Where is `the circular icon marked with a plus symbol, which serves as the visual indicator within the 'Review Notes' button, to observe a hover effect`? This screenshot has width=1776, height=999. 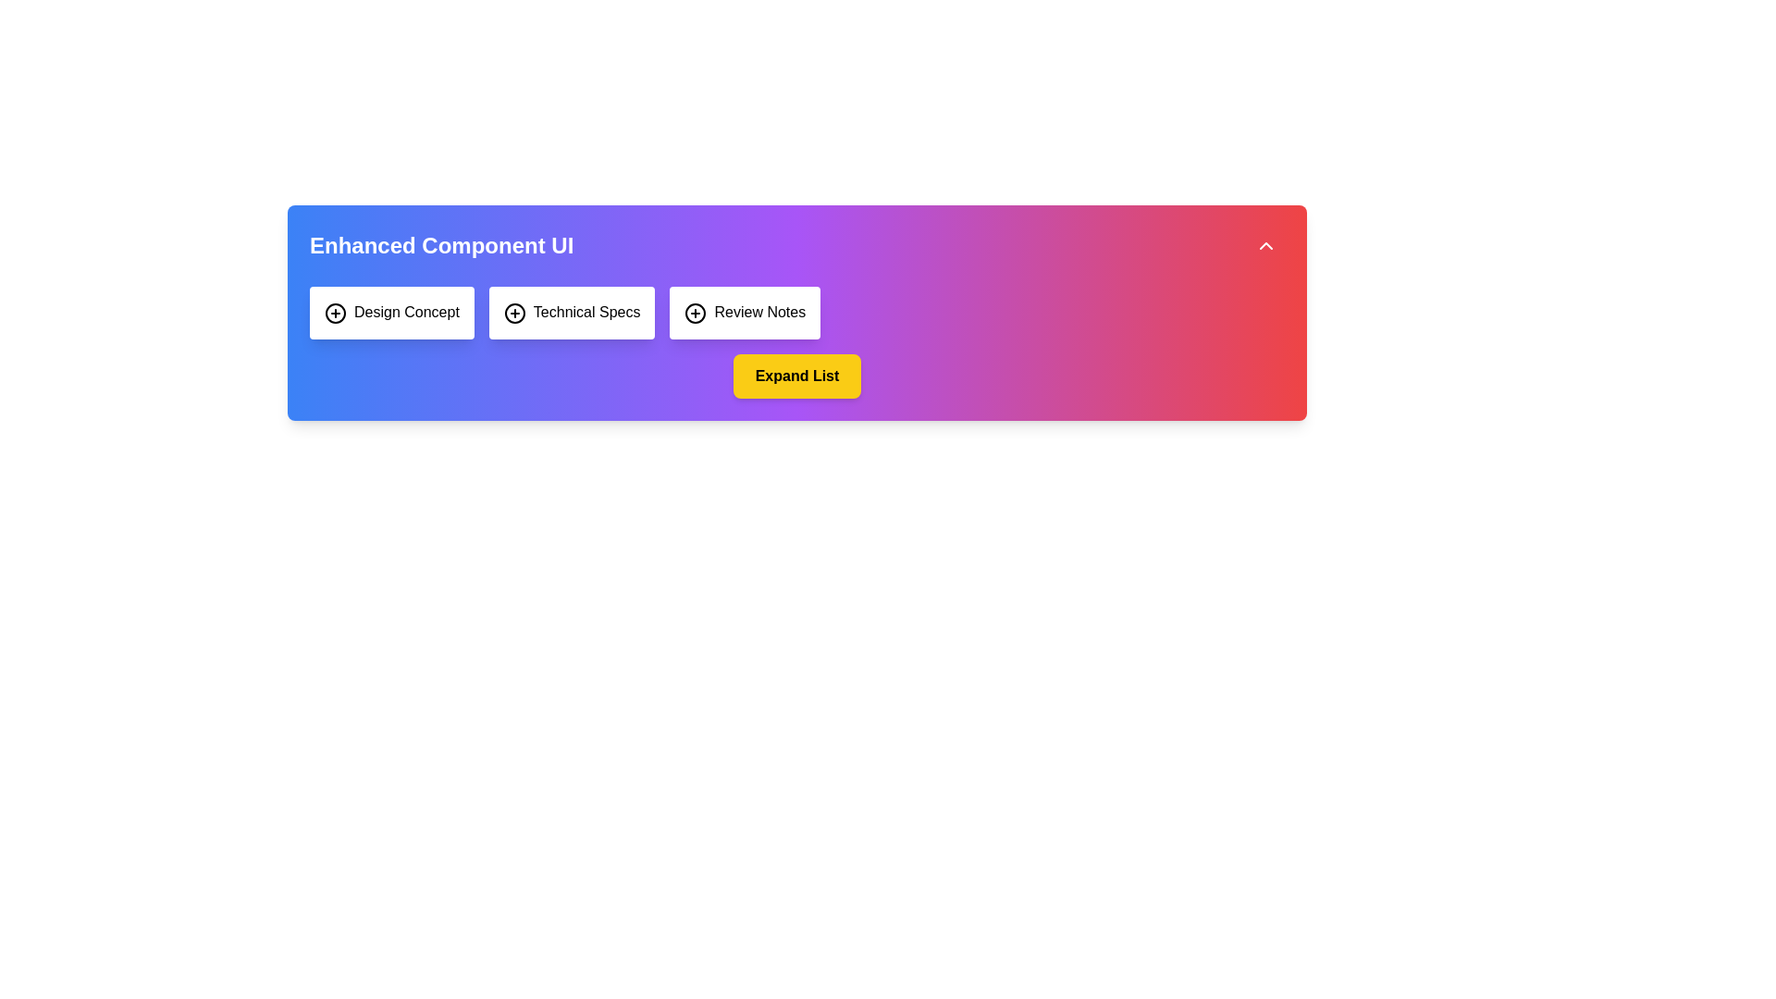
the circular icon marked with a plus symbol, which serves as the visual indicator within the 'Review Notes' button, to observe a hover effect is located at coordinates (695, 312).